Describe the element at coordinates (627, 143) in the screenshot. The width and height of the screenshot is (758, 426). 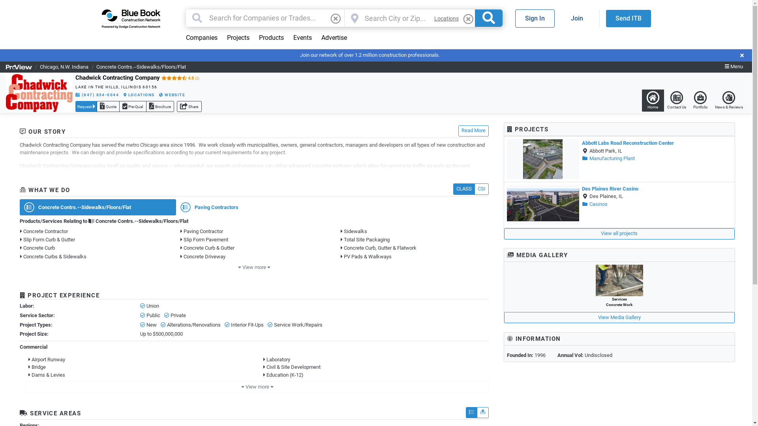
I see `'Abbott Labs Road Reconstruction Center'` at that location.